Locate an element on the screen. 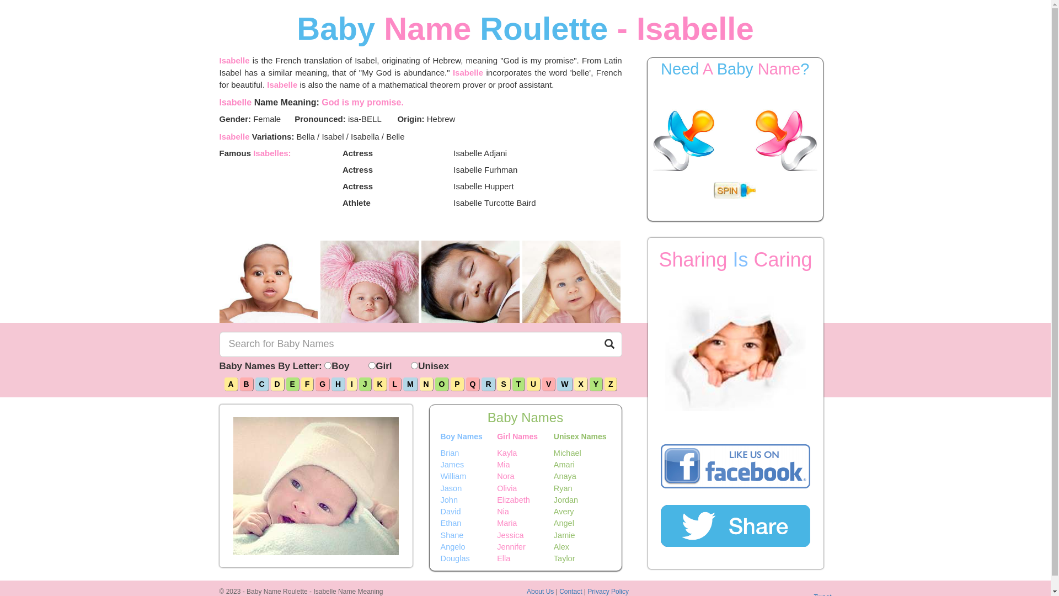 The width and height of the screenshot is (1059, 596). 'X' is located at coordinates (580, 383).